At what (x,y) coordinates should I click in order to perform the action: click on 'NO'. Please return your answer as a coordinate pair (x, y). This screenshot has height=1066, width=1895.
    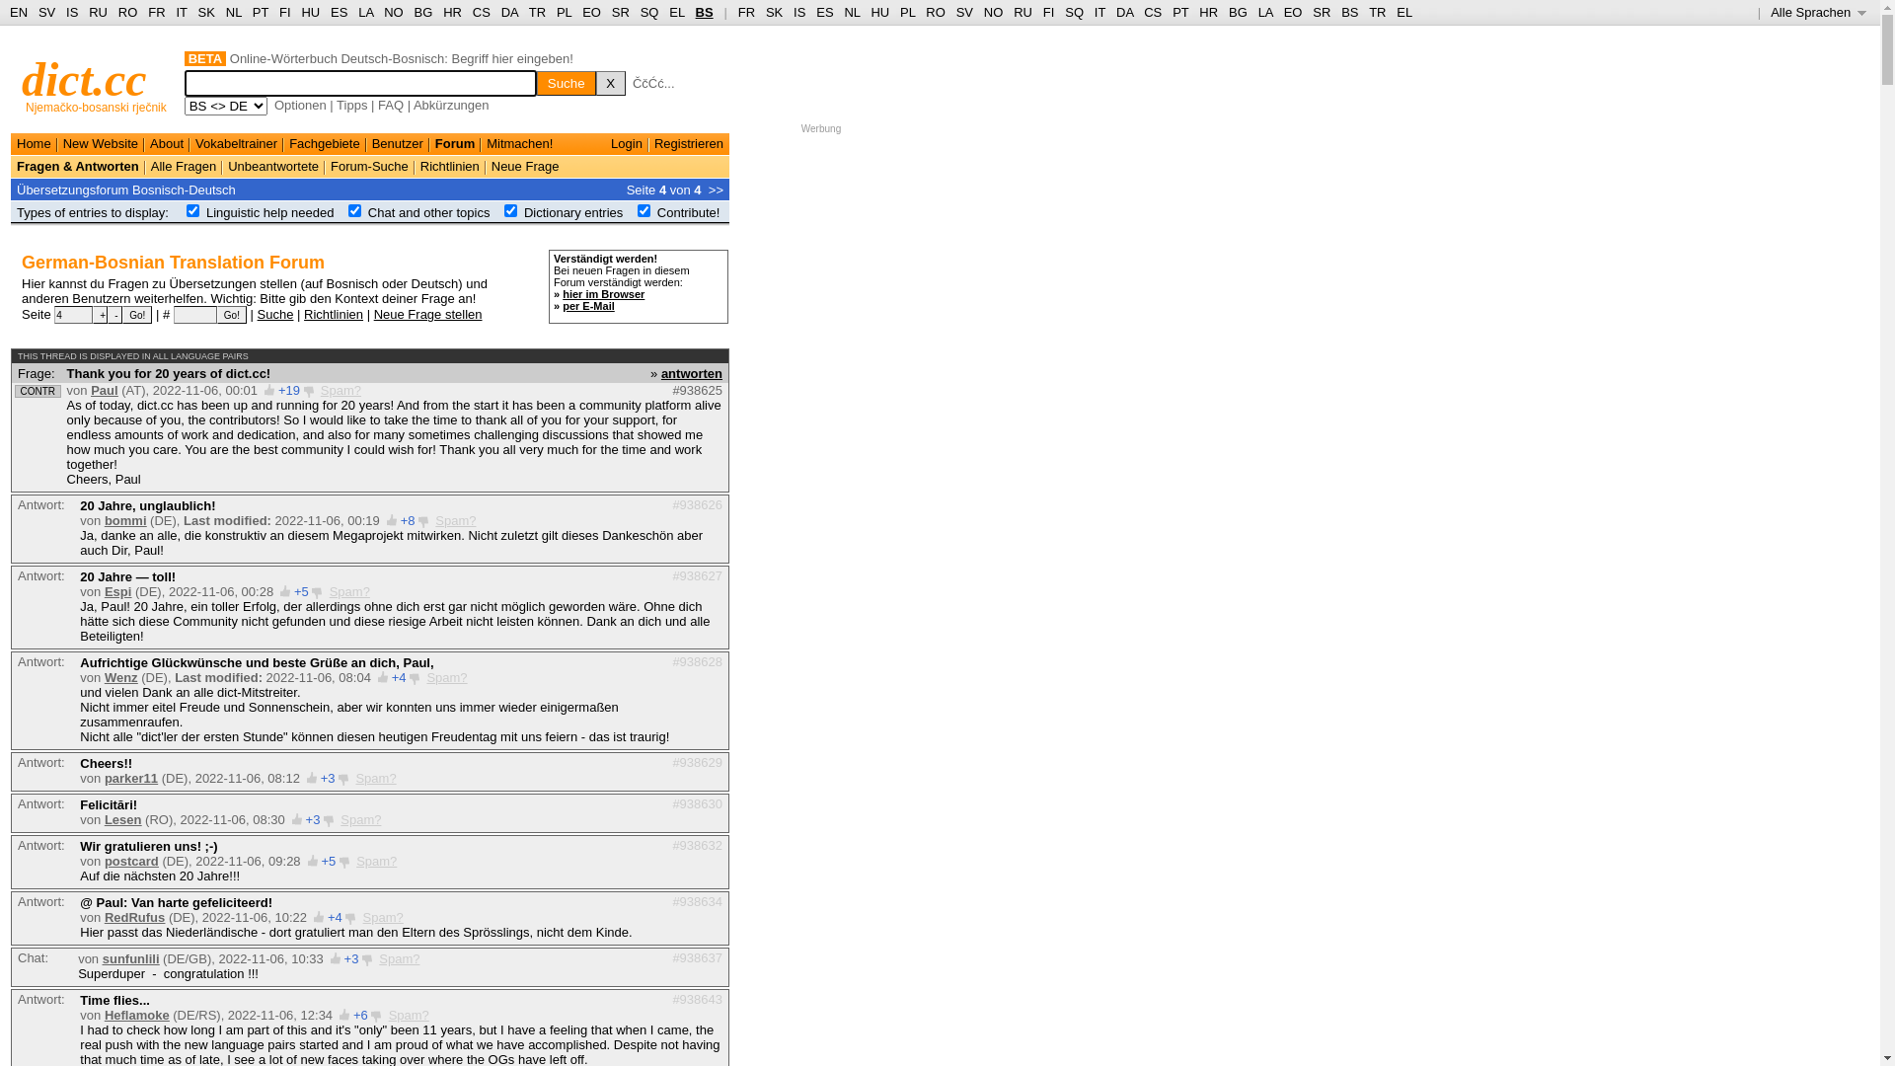
    Looking at the image, I should click on (994, 12).